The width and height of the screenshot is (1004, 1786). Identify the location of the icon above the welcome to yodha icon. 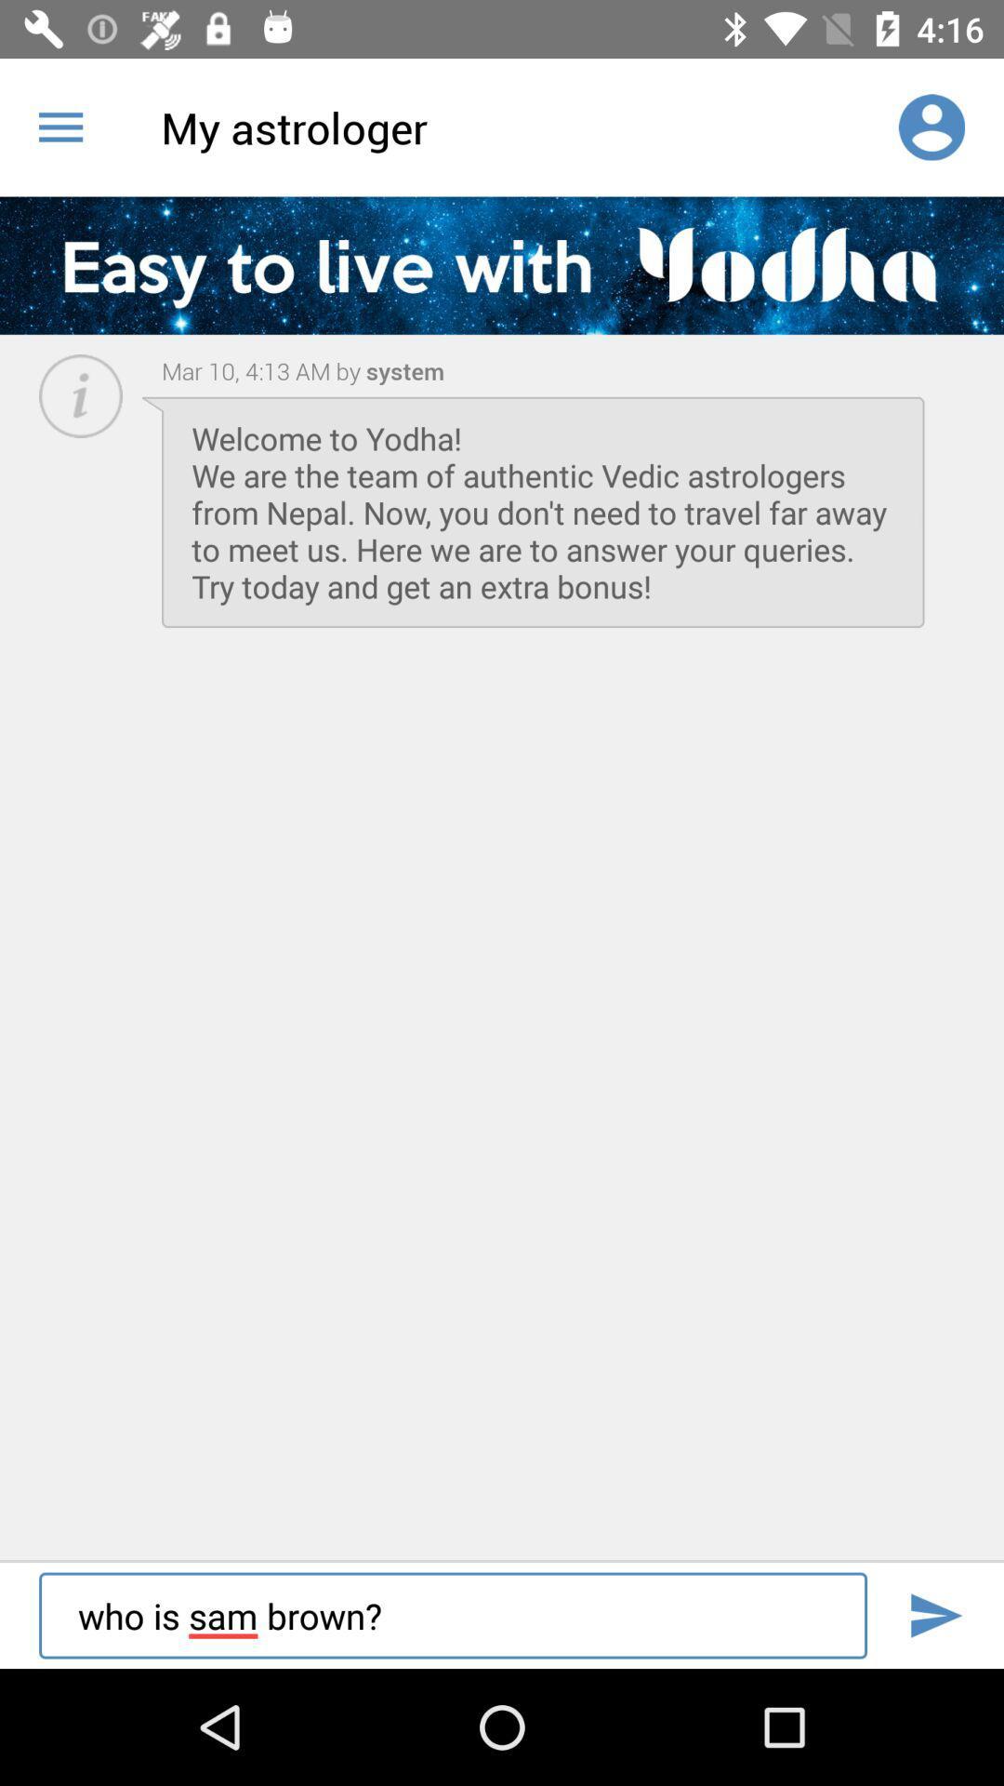
(402, 370).